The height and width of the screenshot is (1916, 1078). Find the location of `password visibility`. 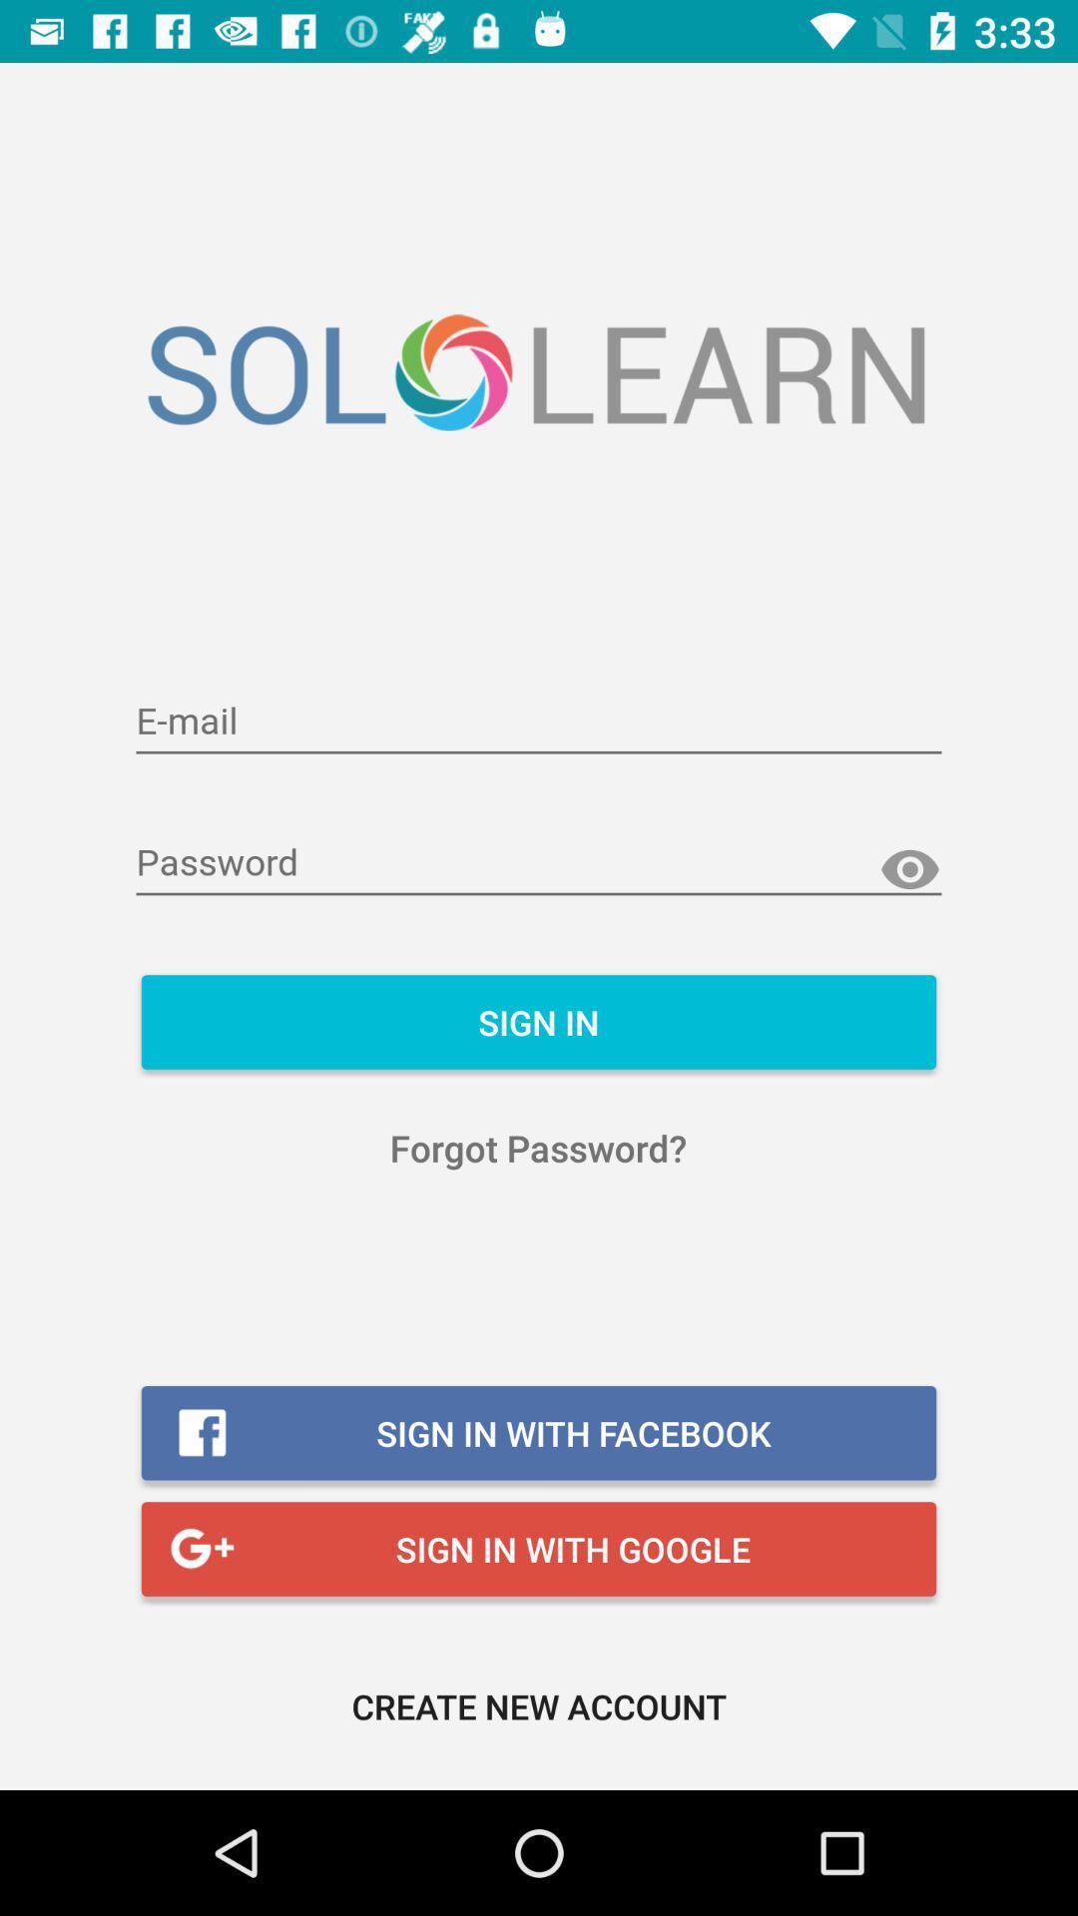

password visibility is located at coordinates (909, 870).